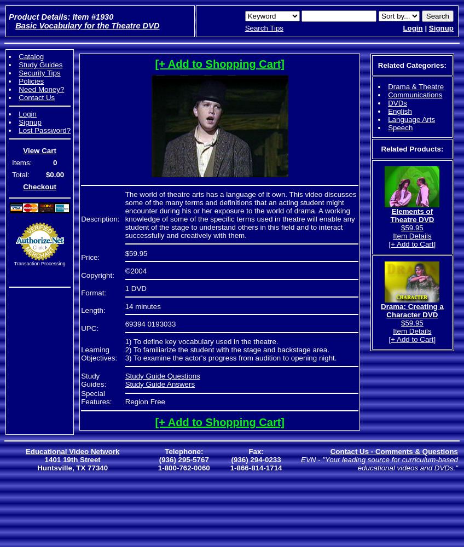  What do you see at coordinates (45, 173) in the screenshot?
I see `'$0.00'` at bounding box center [45, 173].